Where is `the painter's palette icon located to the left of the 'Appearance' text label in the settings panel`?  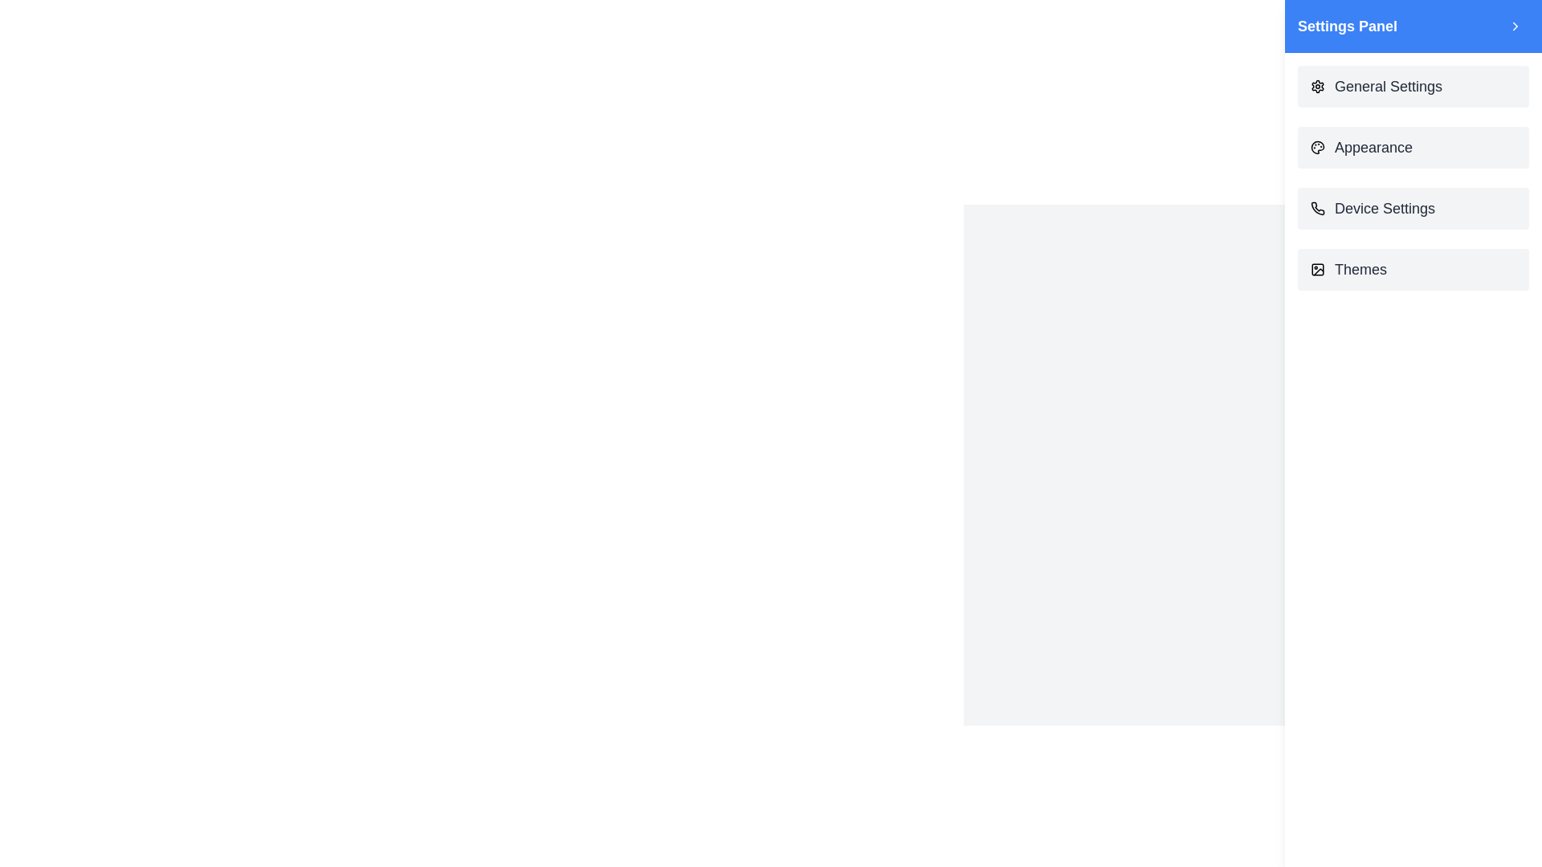 the painter's palette icon located to the left of the 'Appearance' text label in the settings panel is located at coordinates (1318, 148).